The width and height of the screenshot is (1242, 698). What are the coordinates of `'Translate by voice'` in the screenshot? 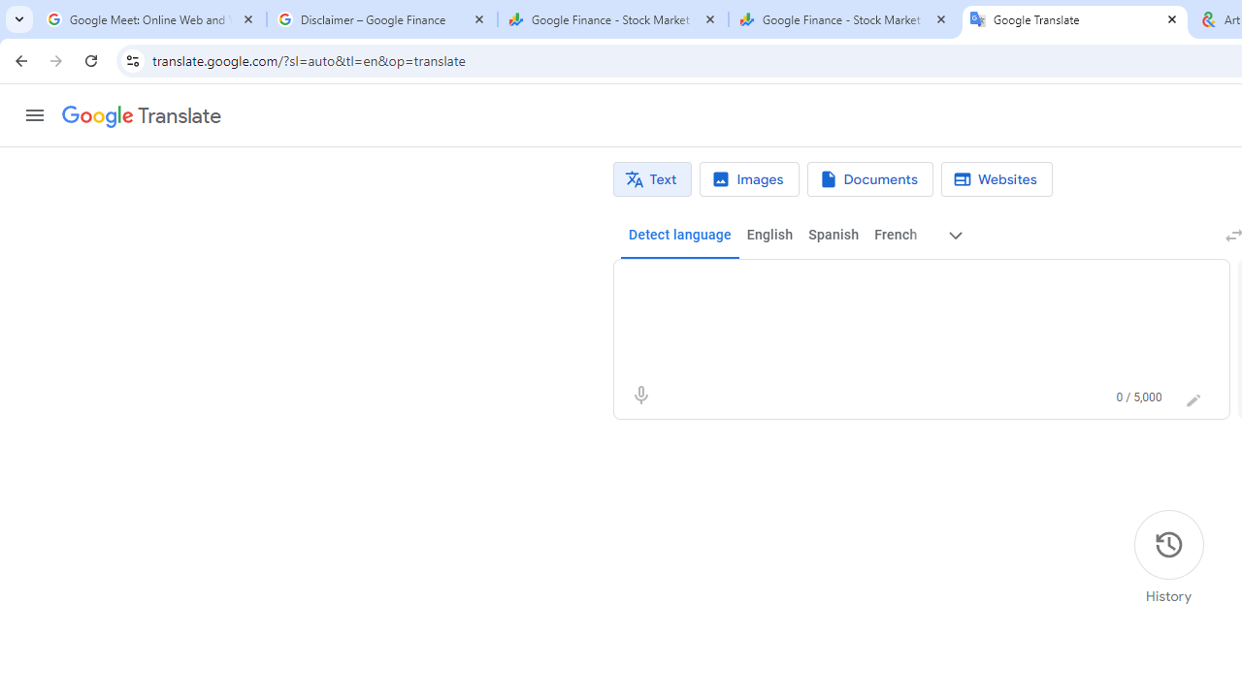 It's located at (640, 394).